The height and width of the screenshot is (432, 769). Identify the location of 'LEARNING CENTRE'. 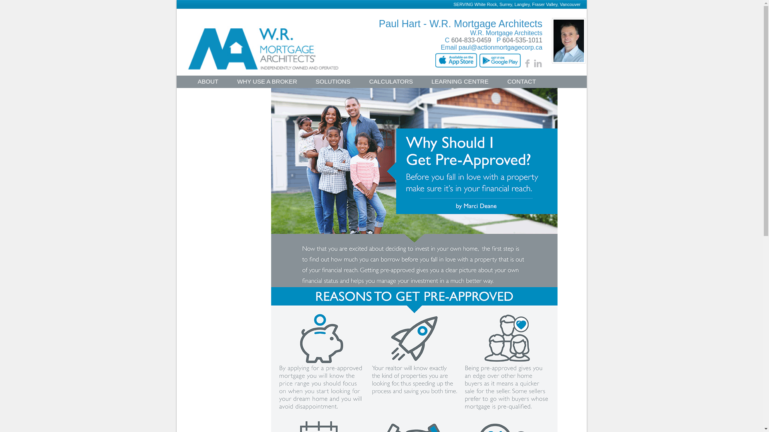
(460, 83).